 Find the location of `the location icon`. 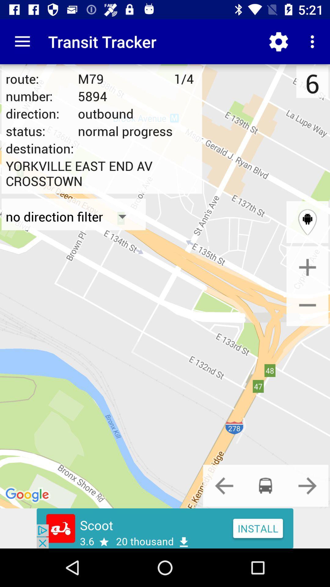

the location icon is located at coordinates (307, 222).